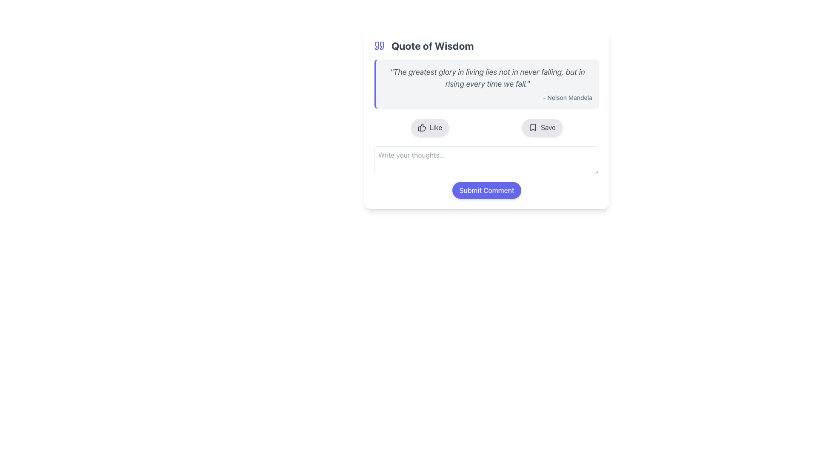 This screenshot has width=817, height=459. I want to click on quote from the text block styled in italicized gray font that contains the quote 'The greatest glory in living lies not in never falling, but in rising every time we fall.', so click(488, 78).